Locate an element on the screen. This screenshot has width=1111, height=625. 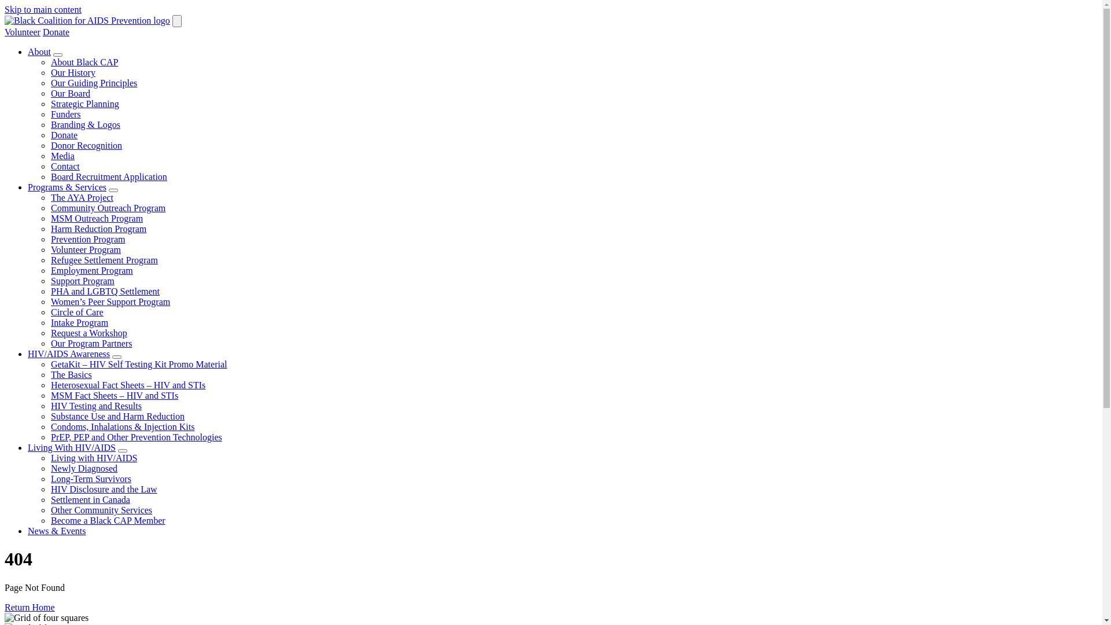
'PHA and LGBTQ Settlement' is located at coordinates (105, 291).